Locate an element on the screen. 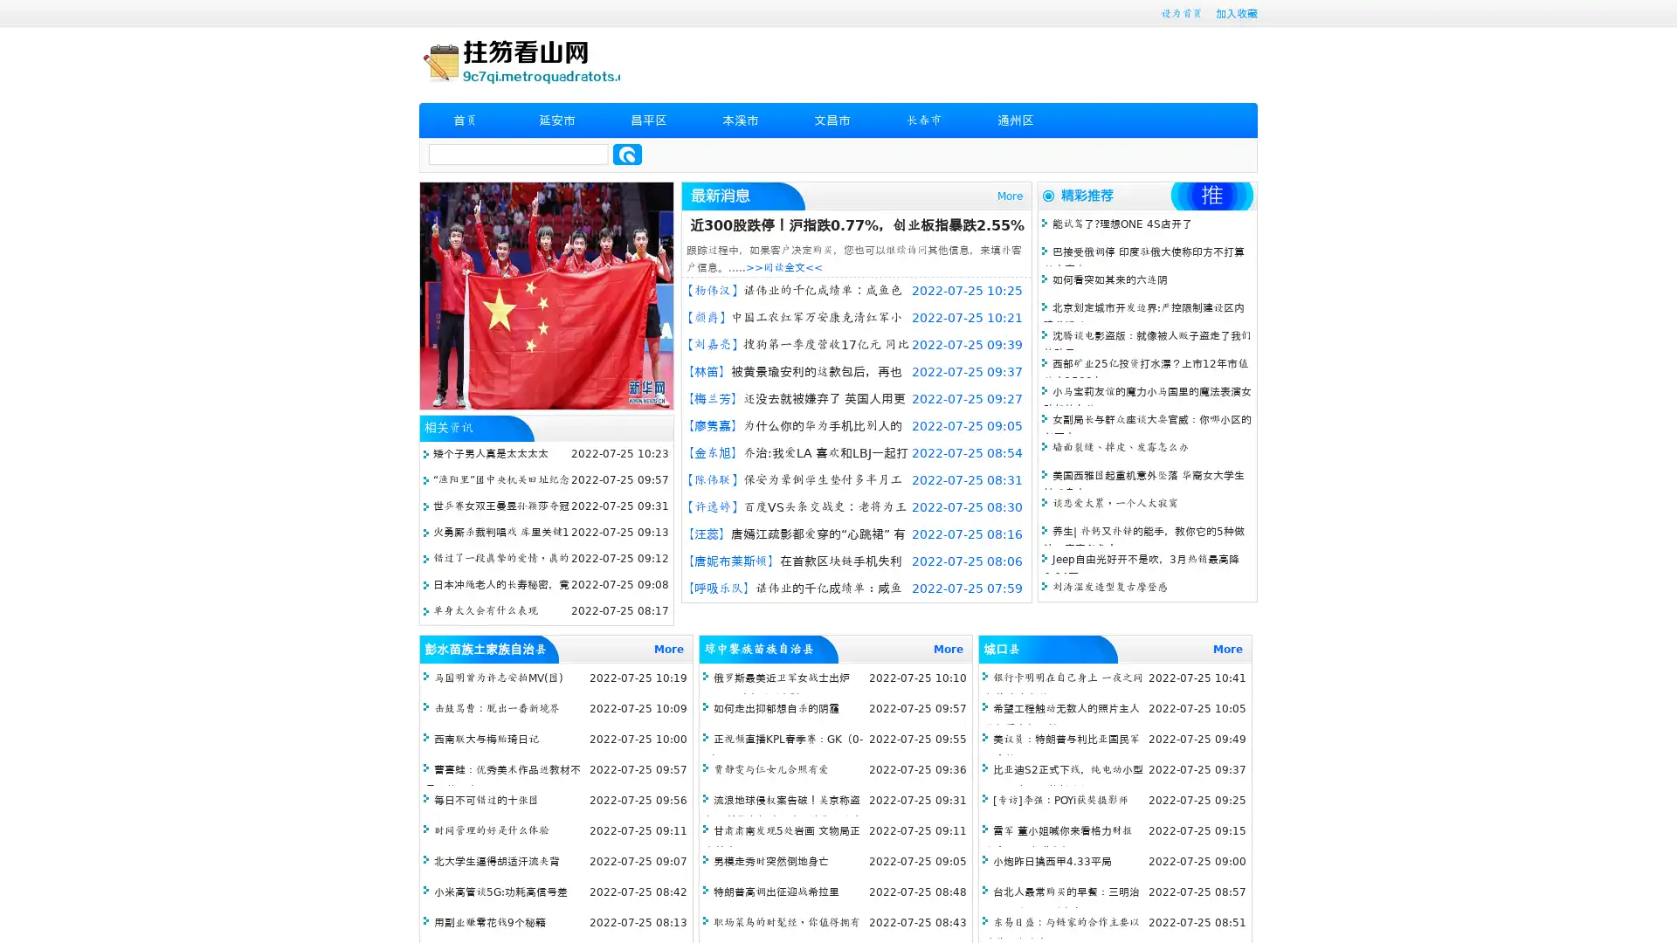 The image size is (1677, 943). Search is located at coordinates (627, 154).